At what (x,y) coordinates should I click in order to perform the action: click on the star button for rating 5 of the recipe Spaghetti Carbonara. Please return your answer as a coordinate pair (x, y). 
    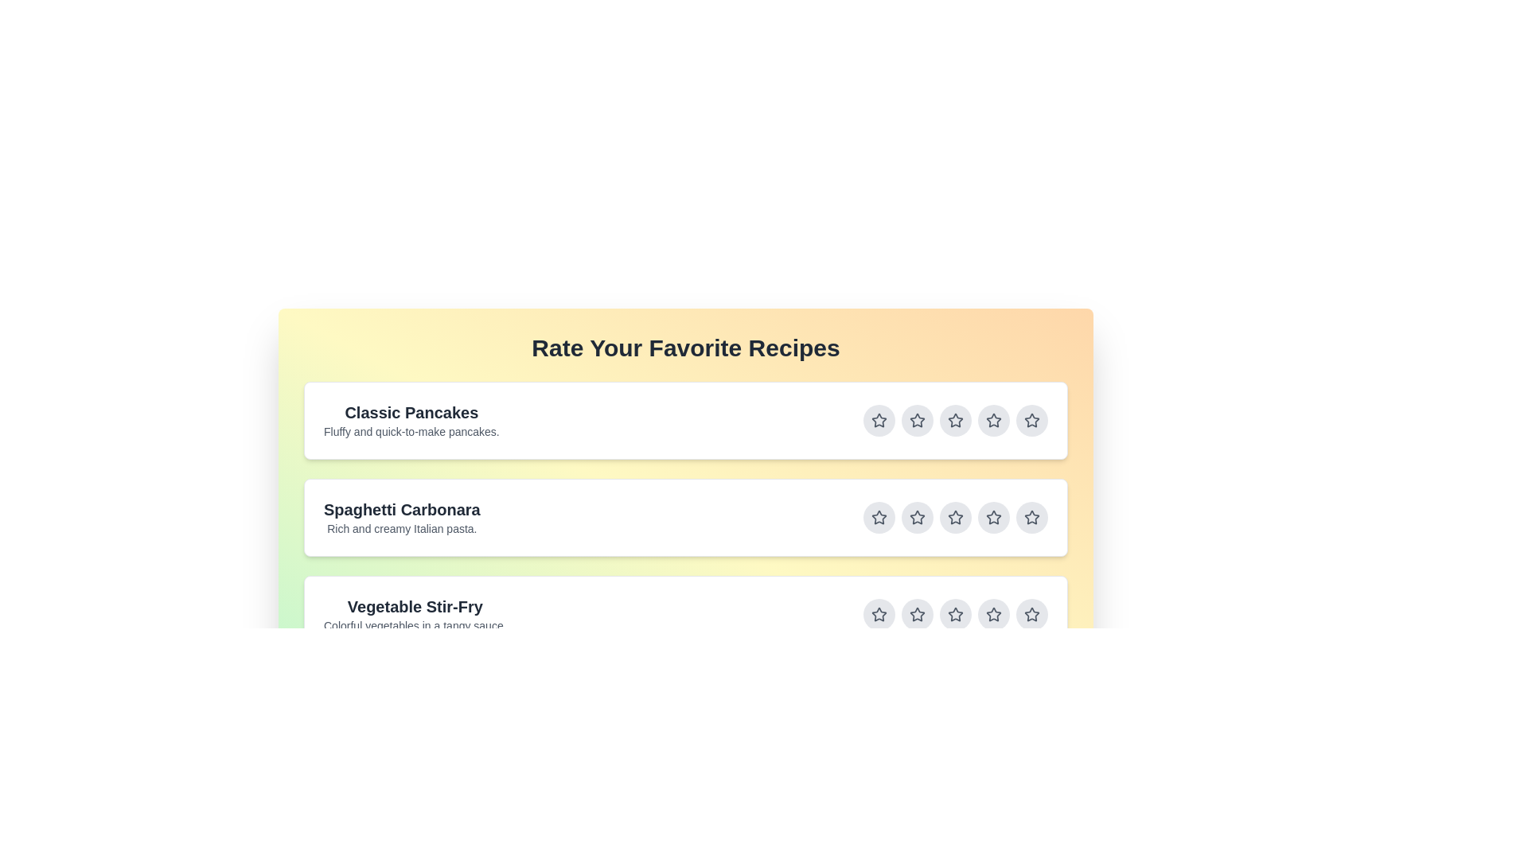
    Looking at the image, I should click on (1031, 518).